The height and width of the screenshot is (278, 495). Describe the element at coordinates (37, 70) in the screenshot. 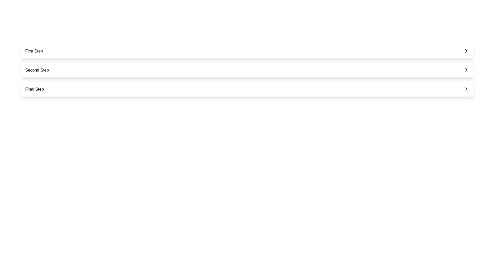

I see `the 'Second Step' text label, which is centered within a horizontal panel and positioned between 'First Step' and 'Final Step'` at that location.